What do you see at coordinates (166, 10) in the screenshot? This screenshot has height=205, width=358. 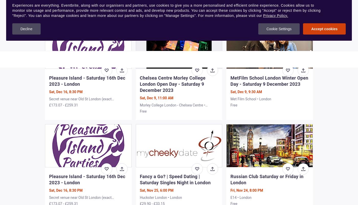 I see `'Experiences are everything. Eventbrite, along with our organisers and partners, use cookies to give you a more personalised and efficient online experience. Cookies allow us to monitor site usage and performance, provide more relevant content and ads, and develop new products. You can accept these cookies by clicking "Accept" or reject them by clicking "Reject". You can also manage cookies and learn more about our partners by clicking on "Manage Settings".  For more information, please visit our'` at bounding box center [166, 10].